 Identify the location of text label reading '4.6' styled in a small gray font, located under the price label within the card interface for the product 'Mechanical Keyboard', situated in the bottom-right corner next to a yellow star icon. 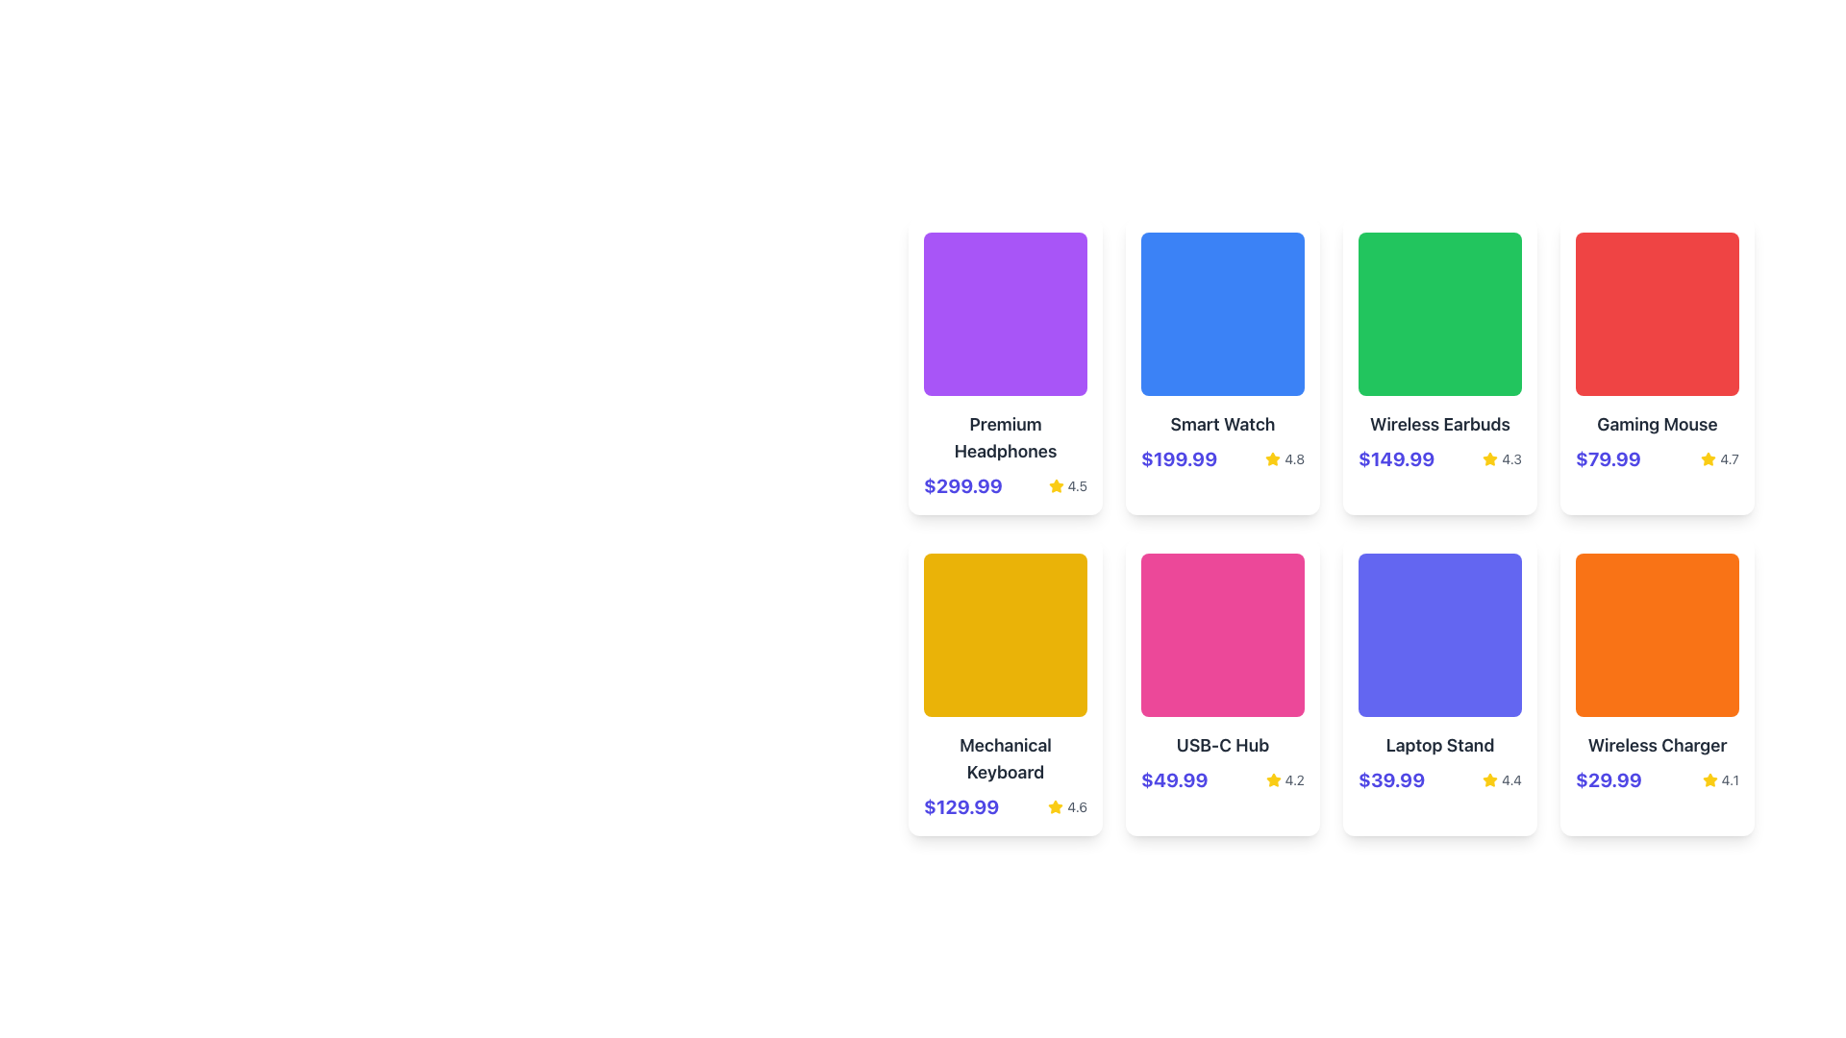
(1077, 807).